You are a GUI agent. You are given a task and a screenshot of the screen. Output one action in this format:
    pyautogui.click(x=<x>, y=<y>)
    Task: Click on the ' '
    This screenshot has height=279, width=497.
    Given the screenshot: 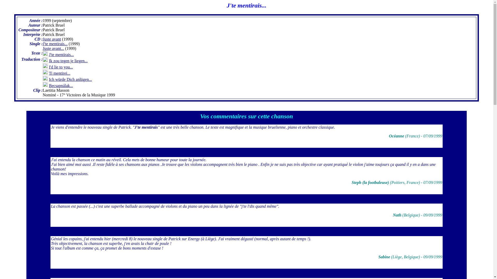 What is the action you would take?
    pyautogui.click(x=246, y=108)
    